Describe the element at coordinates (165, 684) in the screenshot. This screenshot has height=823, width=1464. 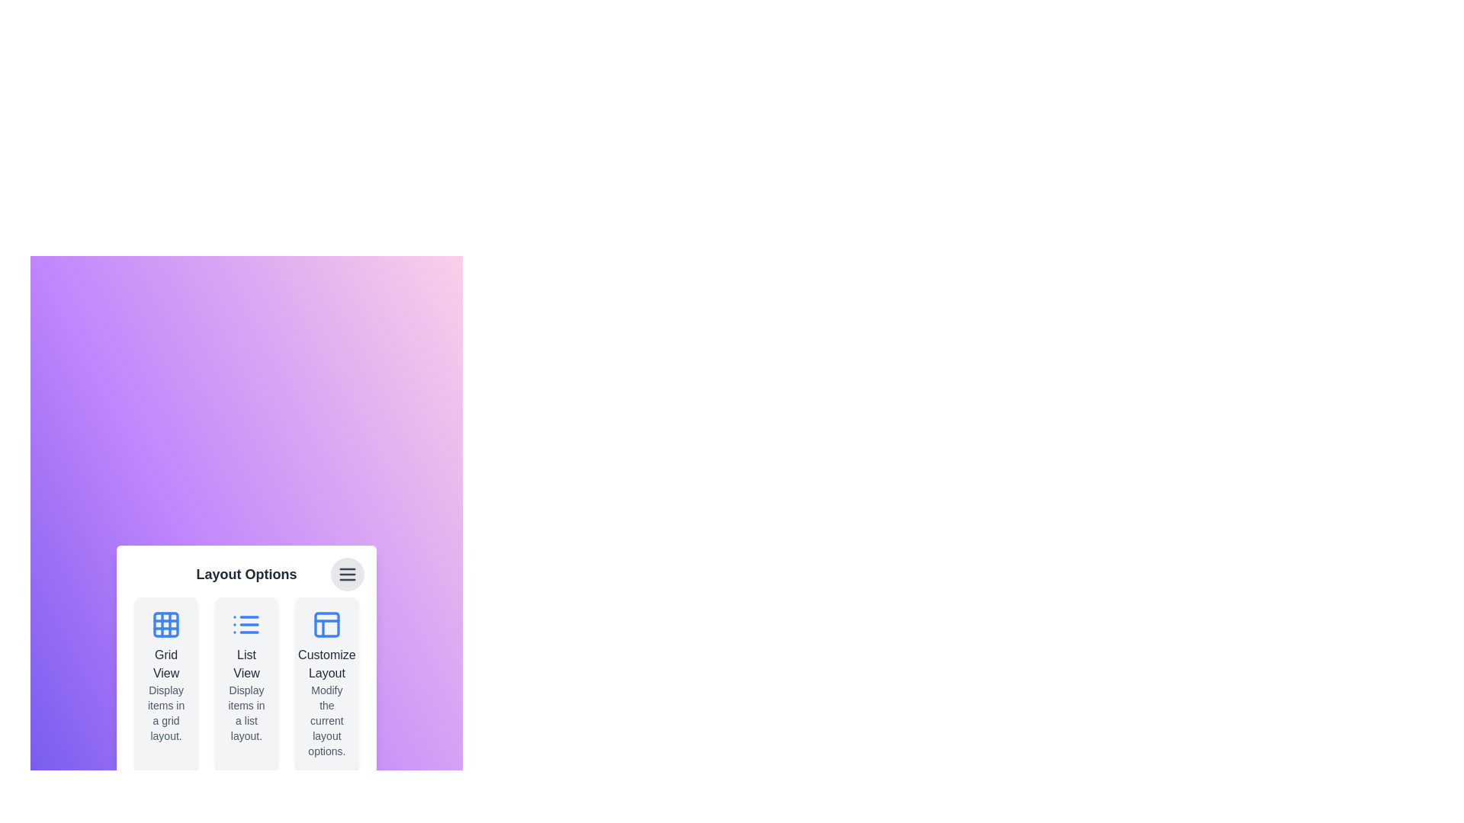
I see `the layout option card corresponding to Grid View to highlight it` at that location.